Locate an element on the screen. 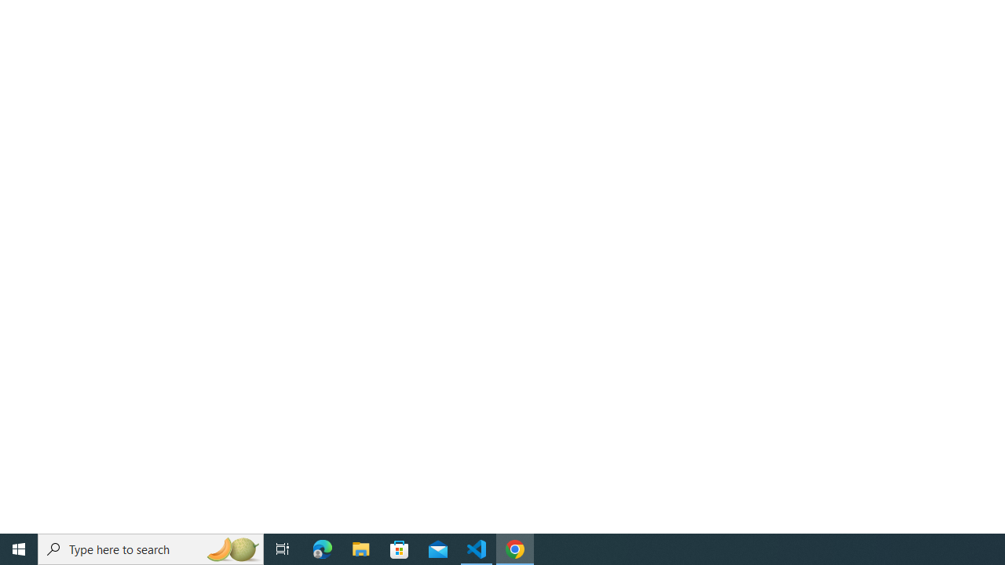 The width and height of the screenshot is (1005, 565). 'Microsoft Store' is located at coordinates (400, 548).